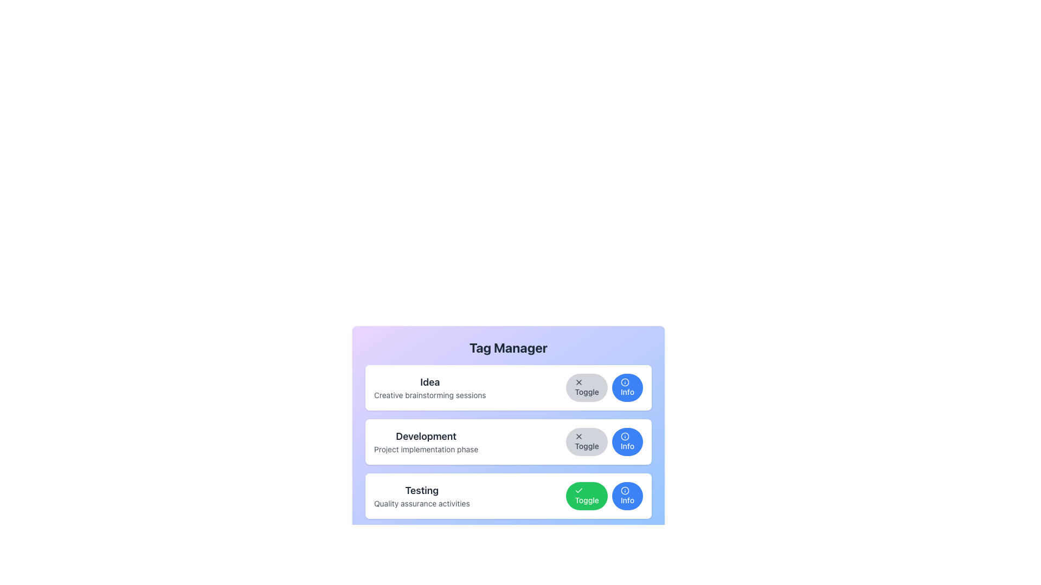 This screenshot has width=1041, height=585. What do you see at coordinates (579, 436) in the screenshot?
I see `the icon indicating a negative or inactive state within the 'Development' card section, located to the left of the 'Toggle' label` at bounding box center [579, 436].